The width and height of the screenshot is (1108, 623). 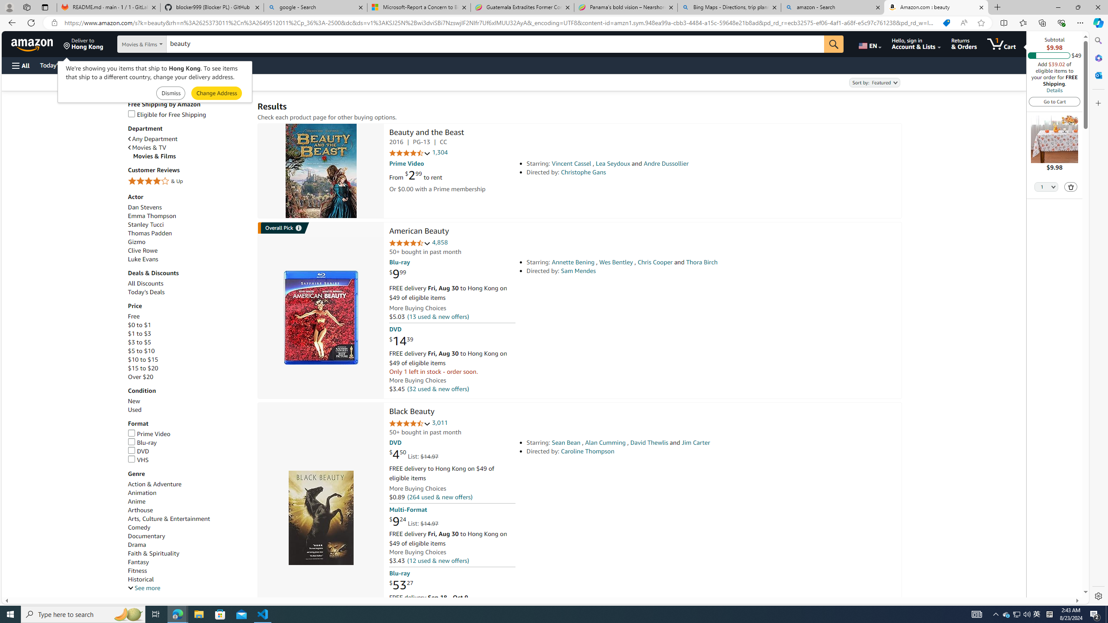 What do you see at coordinates (188, 182) in the screenshot?
I see `'4 Stars & Up& Up'` at bounding box center [188, 182].